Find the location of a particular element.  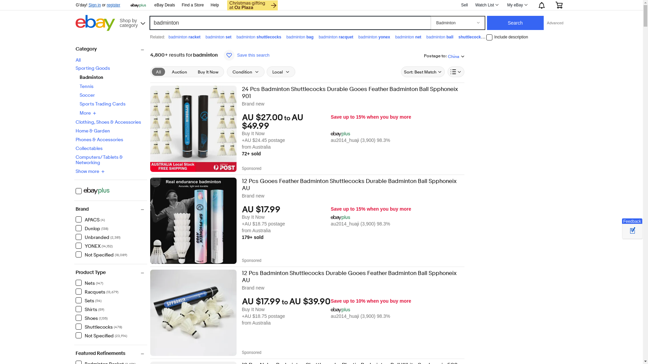

'Auction' is located at coordinates (179, 71).